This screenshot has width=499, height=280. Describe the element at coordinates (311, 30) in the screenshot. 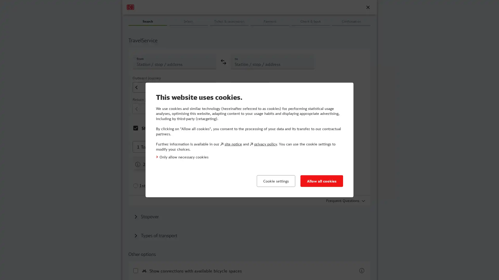

I see `Search connection` at that location.